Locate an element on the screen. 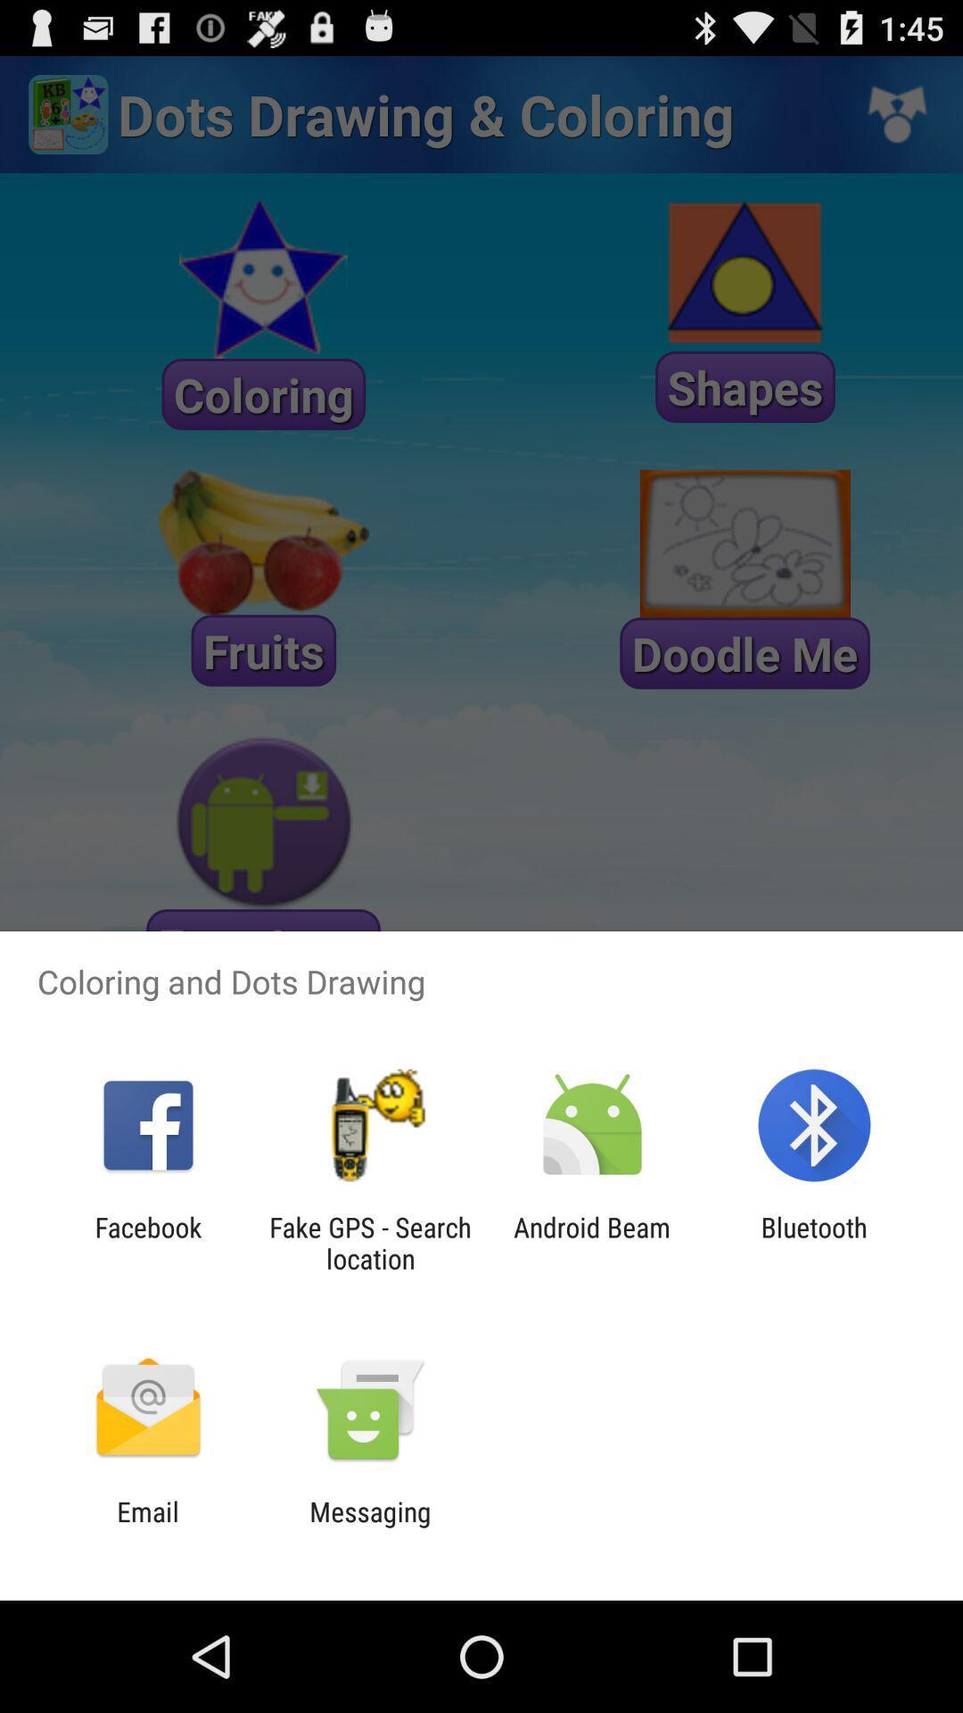  app to the left of bluetooth is located at coordinates (592, 1242).